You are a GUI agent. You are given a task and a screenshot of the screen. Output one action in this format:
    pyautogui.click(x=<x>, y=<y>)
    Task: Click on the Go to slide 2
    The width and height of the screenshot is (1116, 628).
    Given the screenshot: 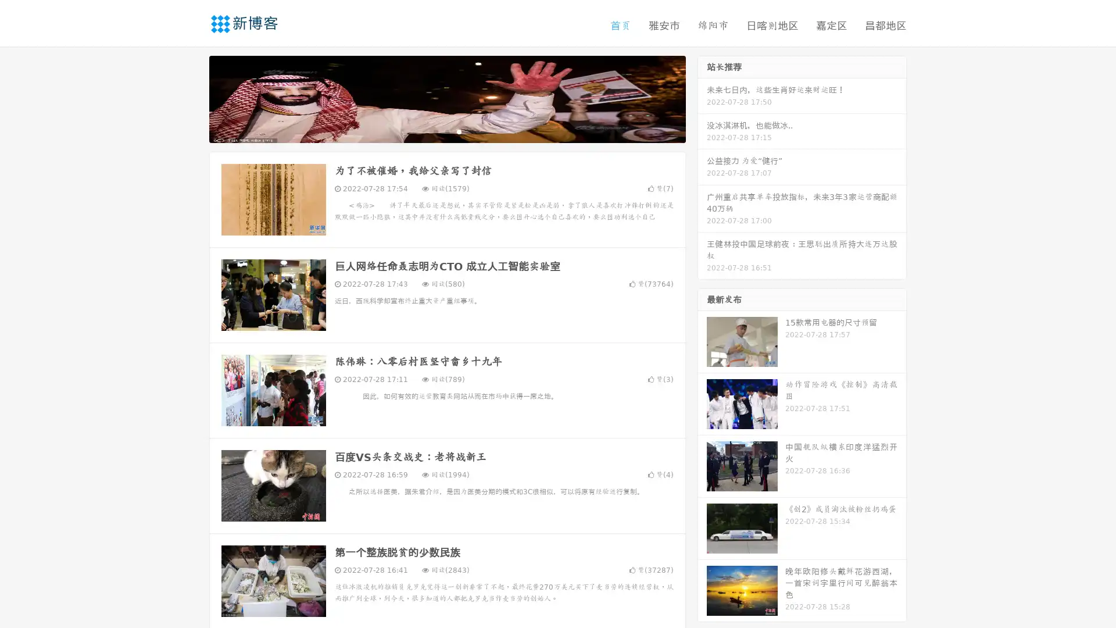 What is the action you would take?
    pyautogui.click(x=446, y=131)
    